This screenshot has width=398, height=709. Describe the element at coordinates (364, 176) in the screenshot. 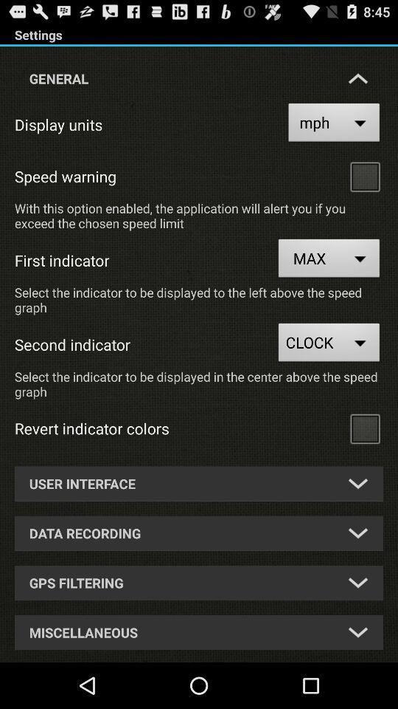

I see `speedwarning` at that location.